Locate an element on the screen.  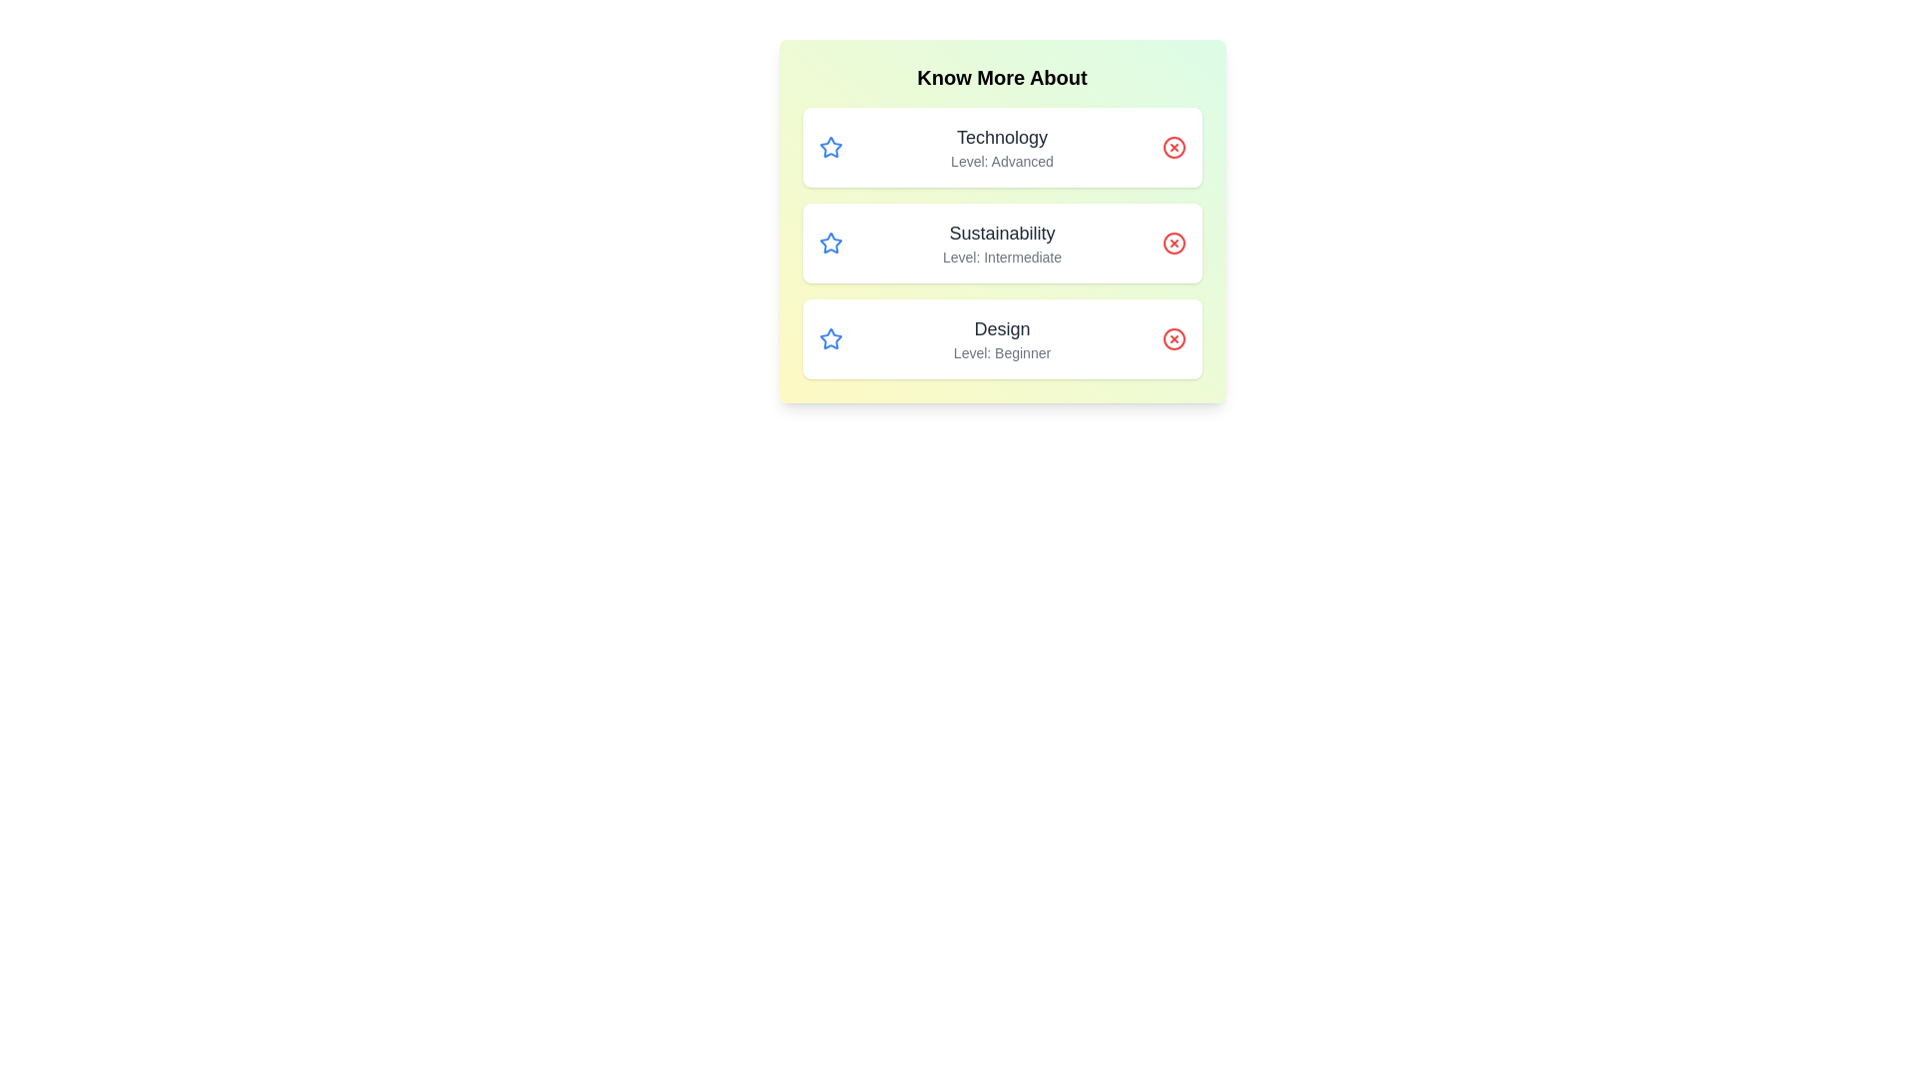
the 'X' button next to the topic Design to remove it from the list is located at coordinates (1174, 337).